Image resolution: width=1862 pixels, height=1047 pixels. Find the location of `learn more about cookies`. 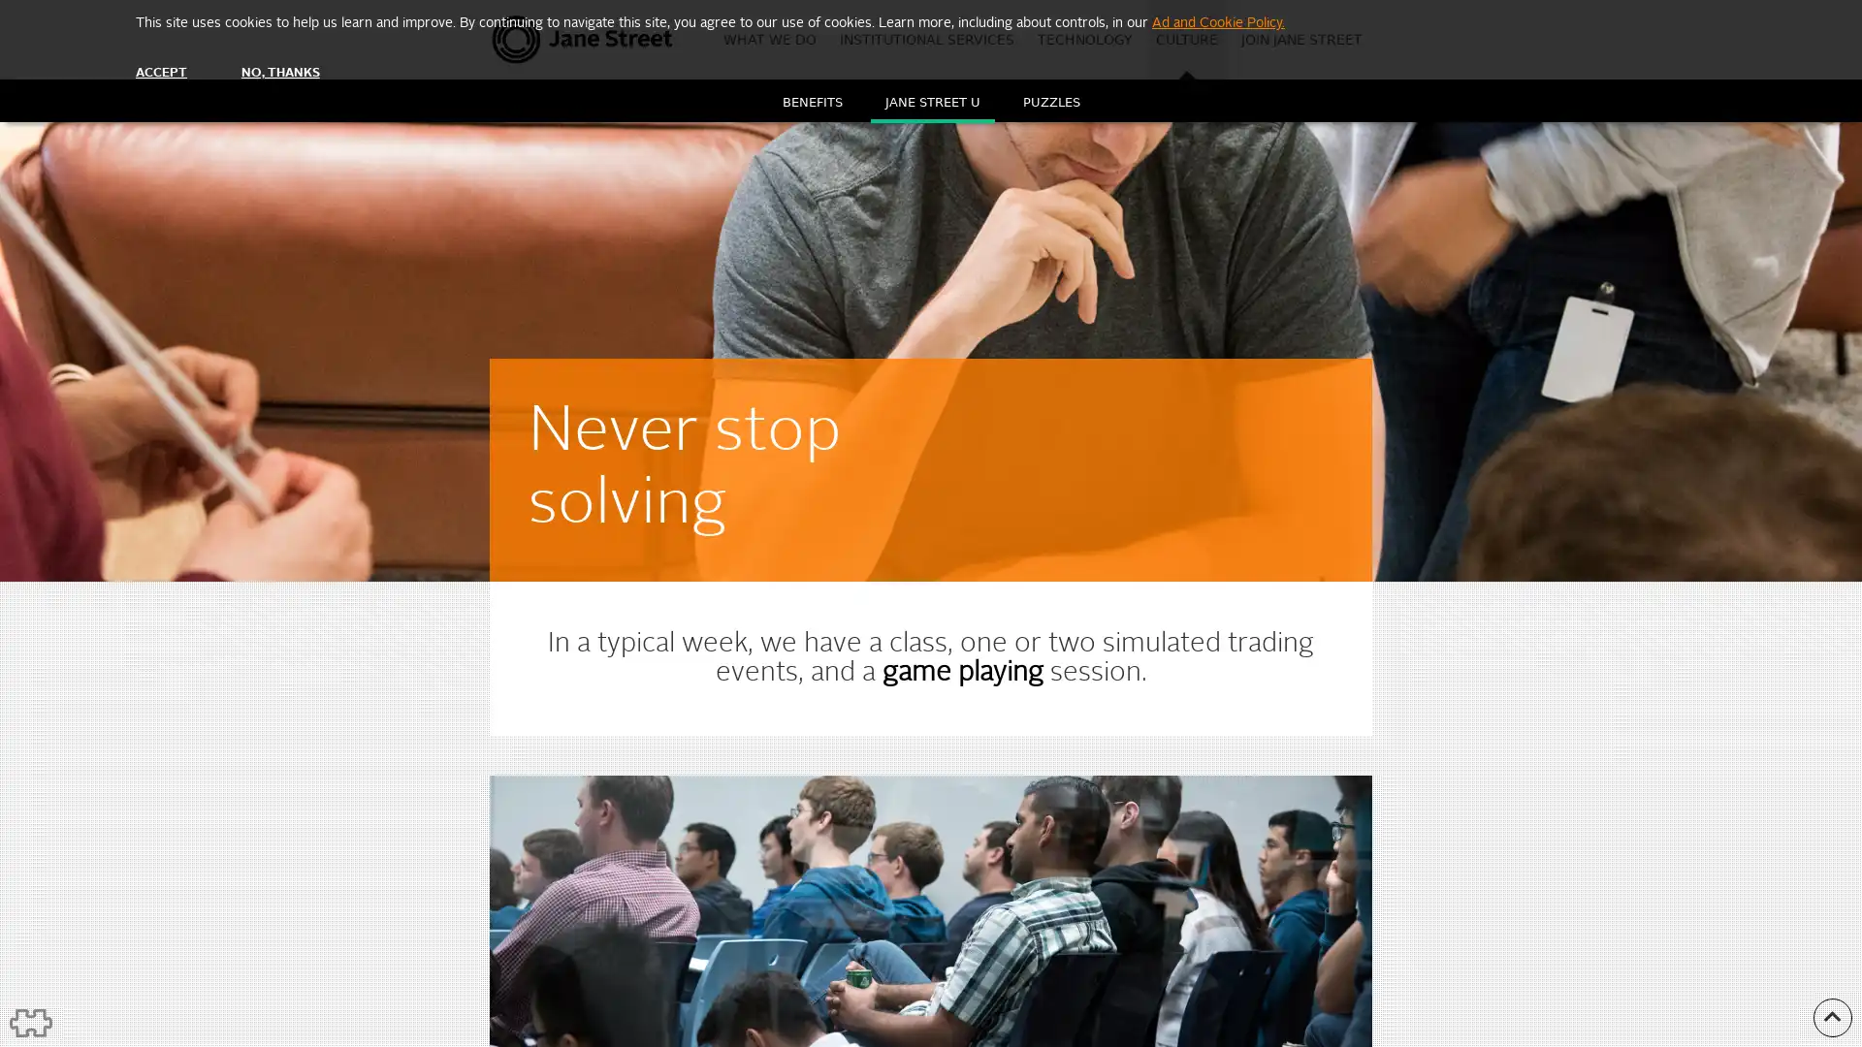

learn more about cookies is located at coordinates (1217, 22).